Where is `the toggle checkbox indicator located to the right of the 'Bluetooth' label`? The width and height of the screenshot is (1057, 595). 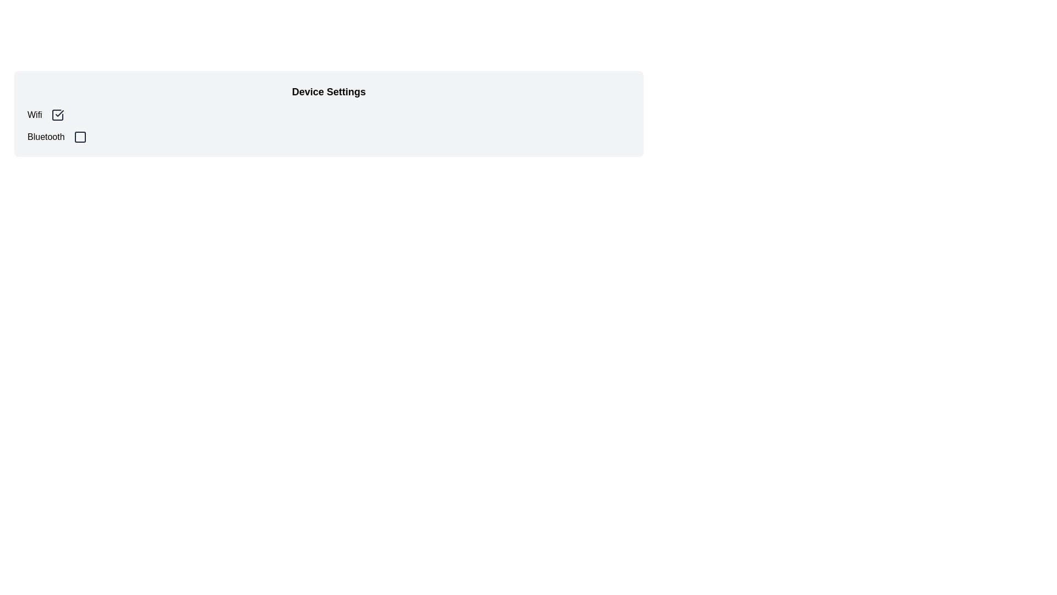 the toggle checkbox indicator located to the right of the 'Bluetooth' label is located at coordinates (79, 137).